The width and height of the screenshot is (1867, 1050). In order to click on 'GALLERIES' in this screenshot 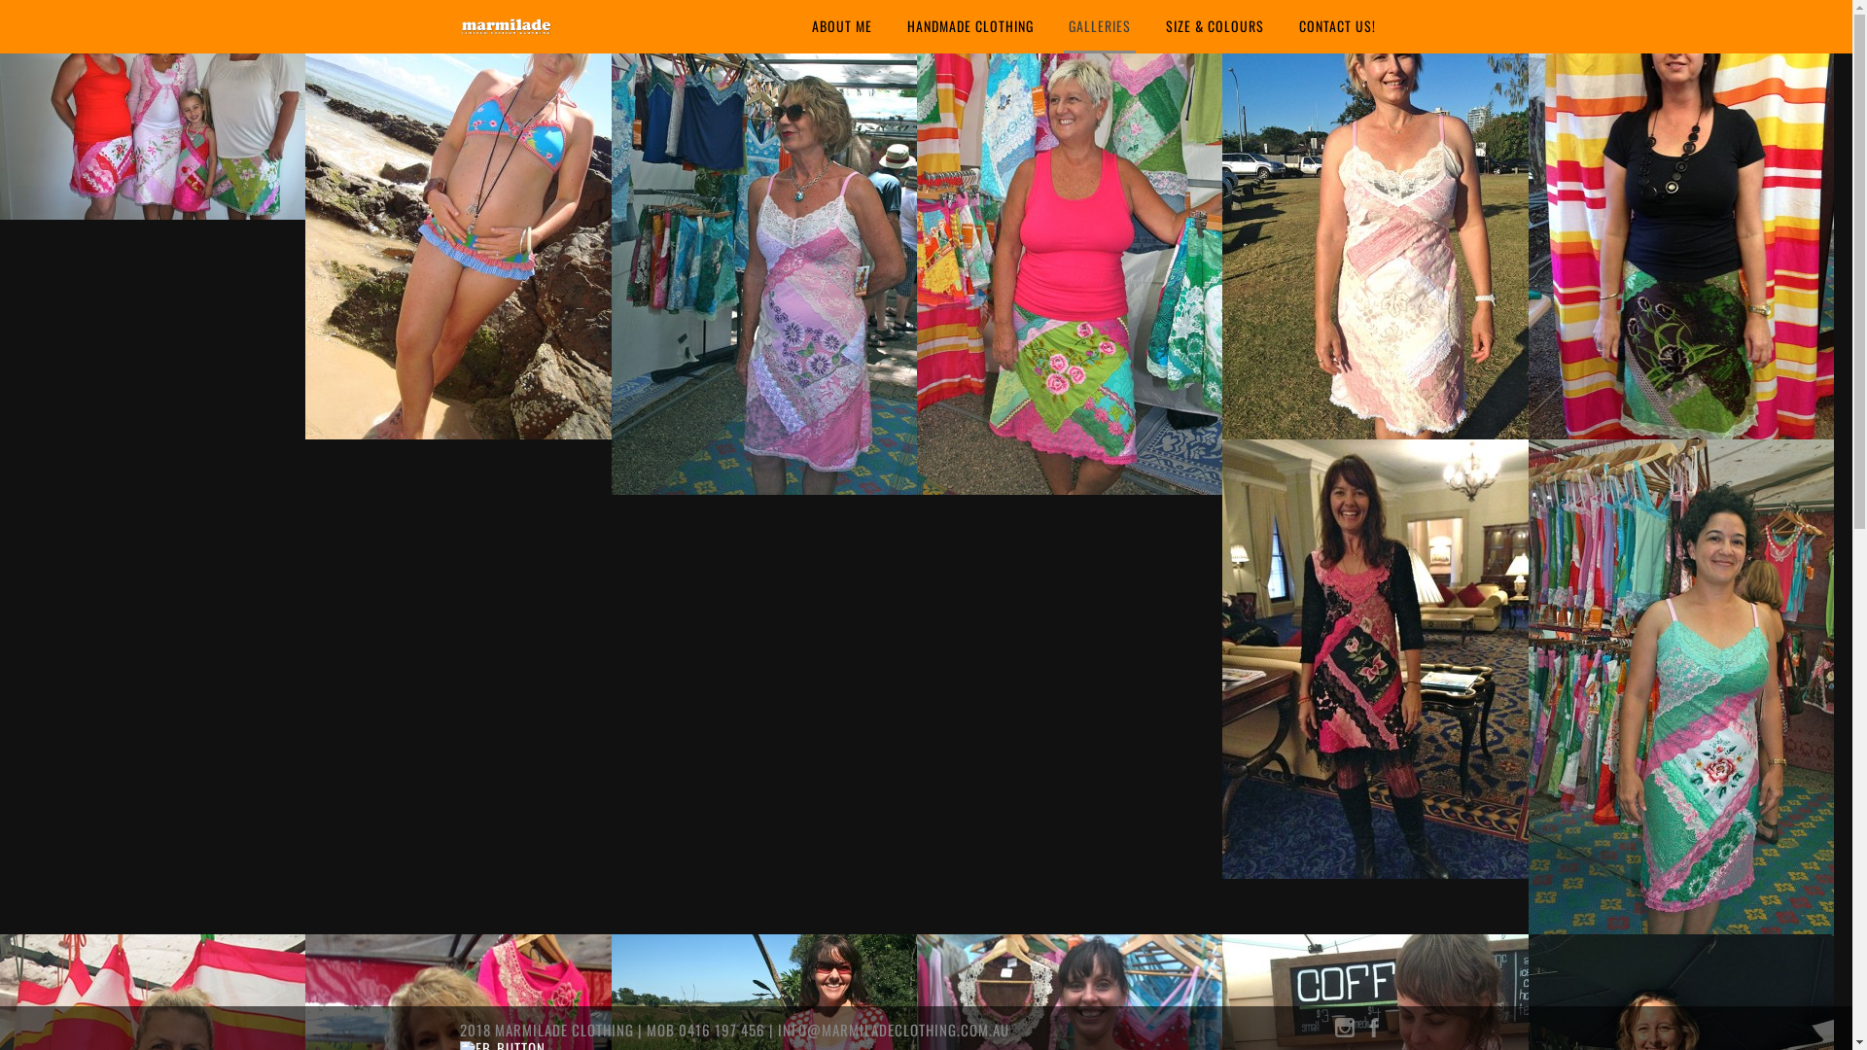, I will do `click(1100, 26)`.